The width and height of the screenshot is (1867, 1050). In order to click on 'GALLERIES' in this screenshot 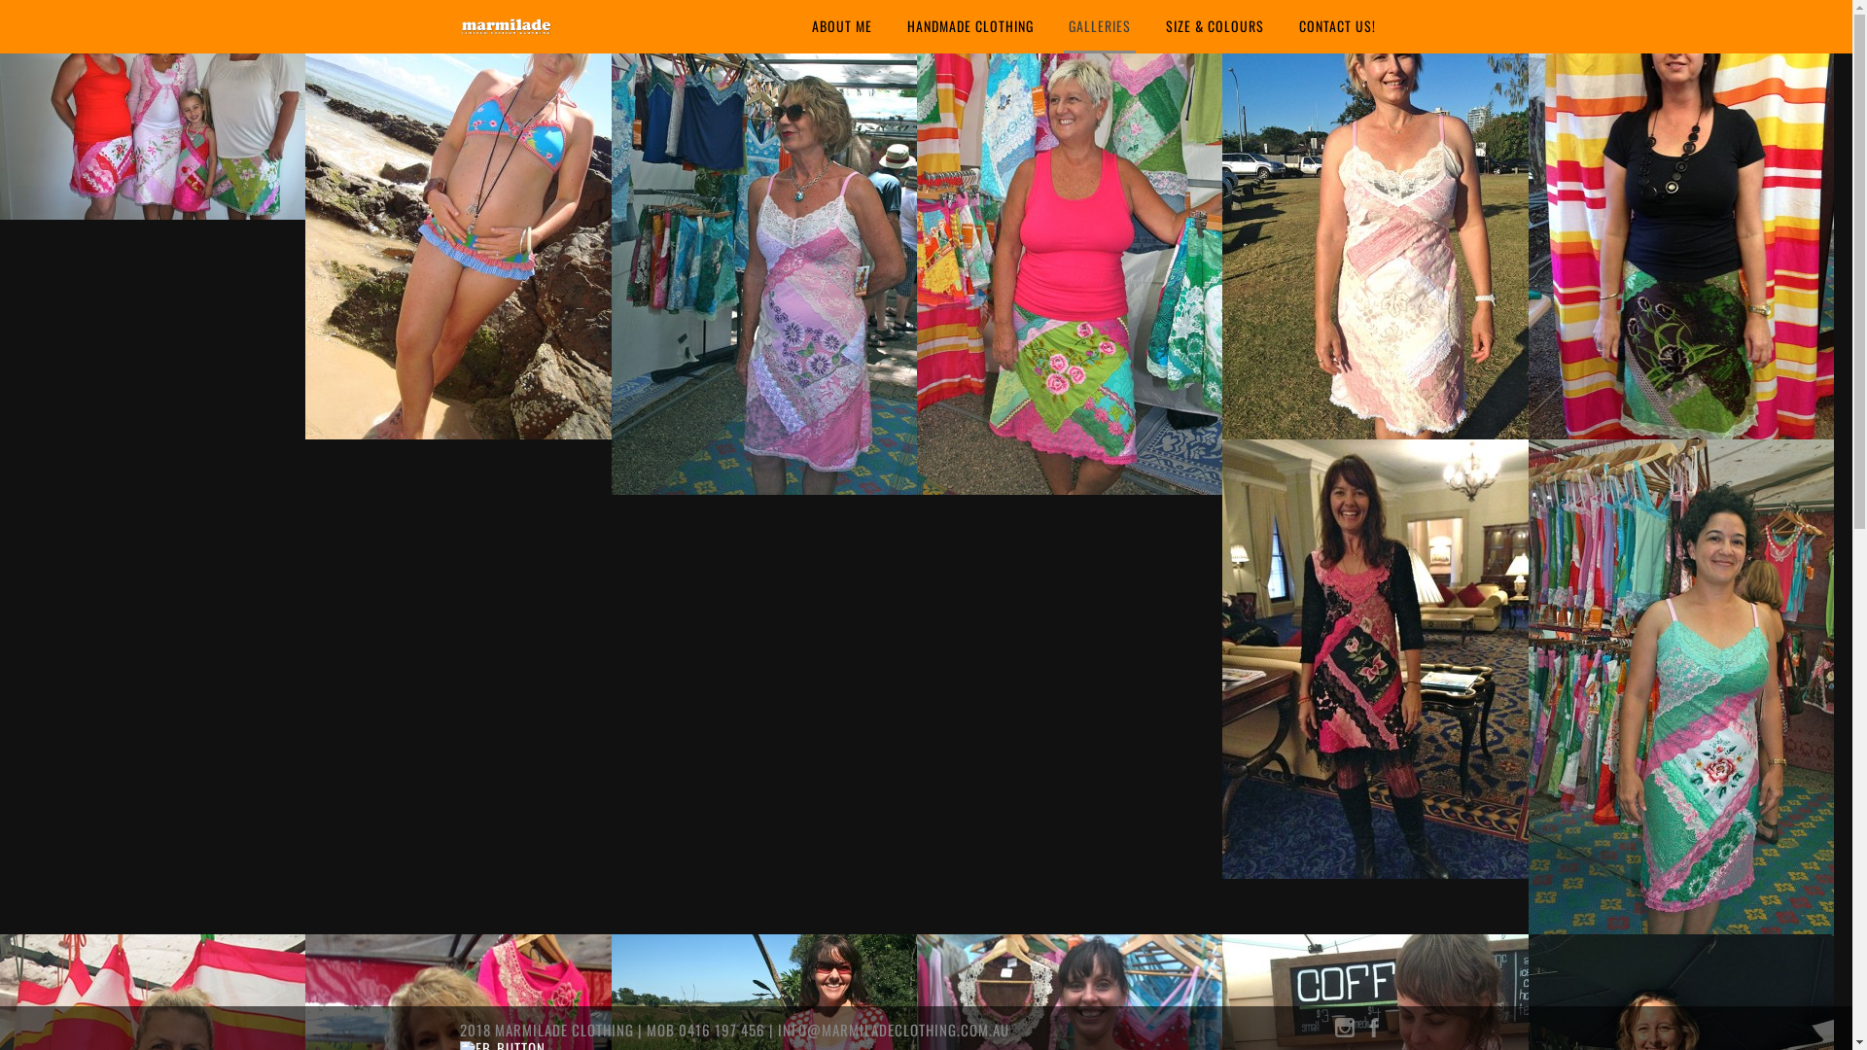, I will do `click(1100, 26)`.